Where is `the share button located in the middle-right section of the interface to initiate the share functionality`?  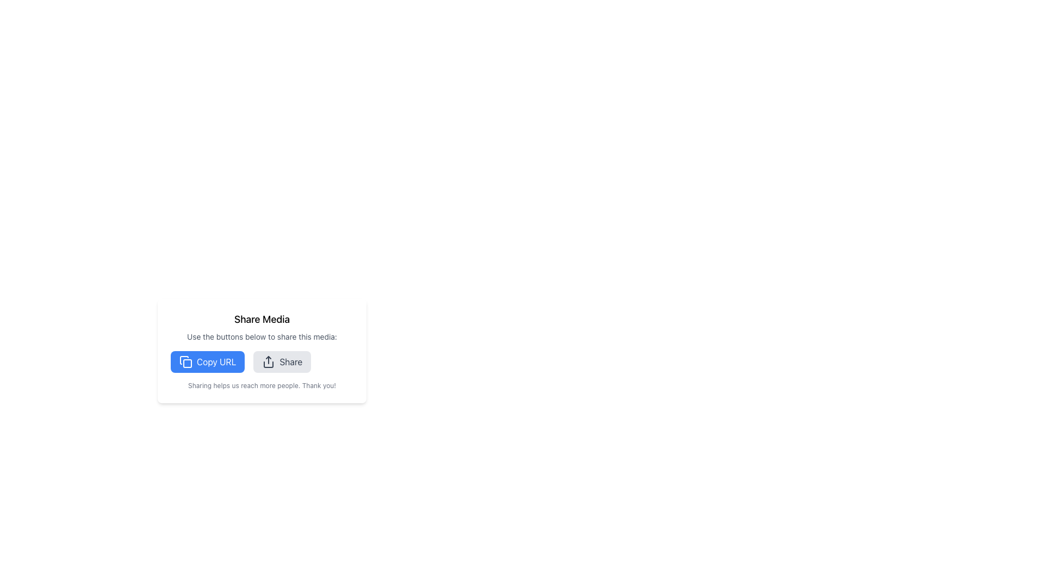
the share button located in the middle-right section of the interface to initiate the share functionality is located at coordinates (282, 362).